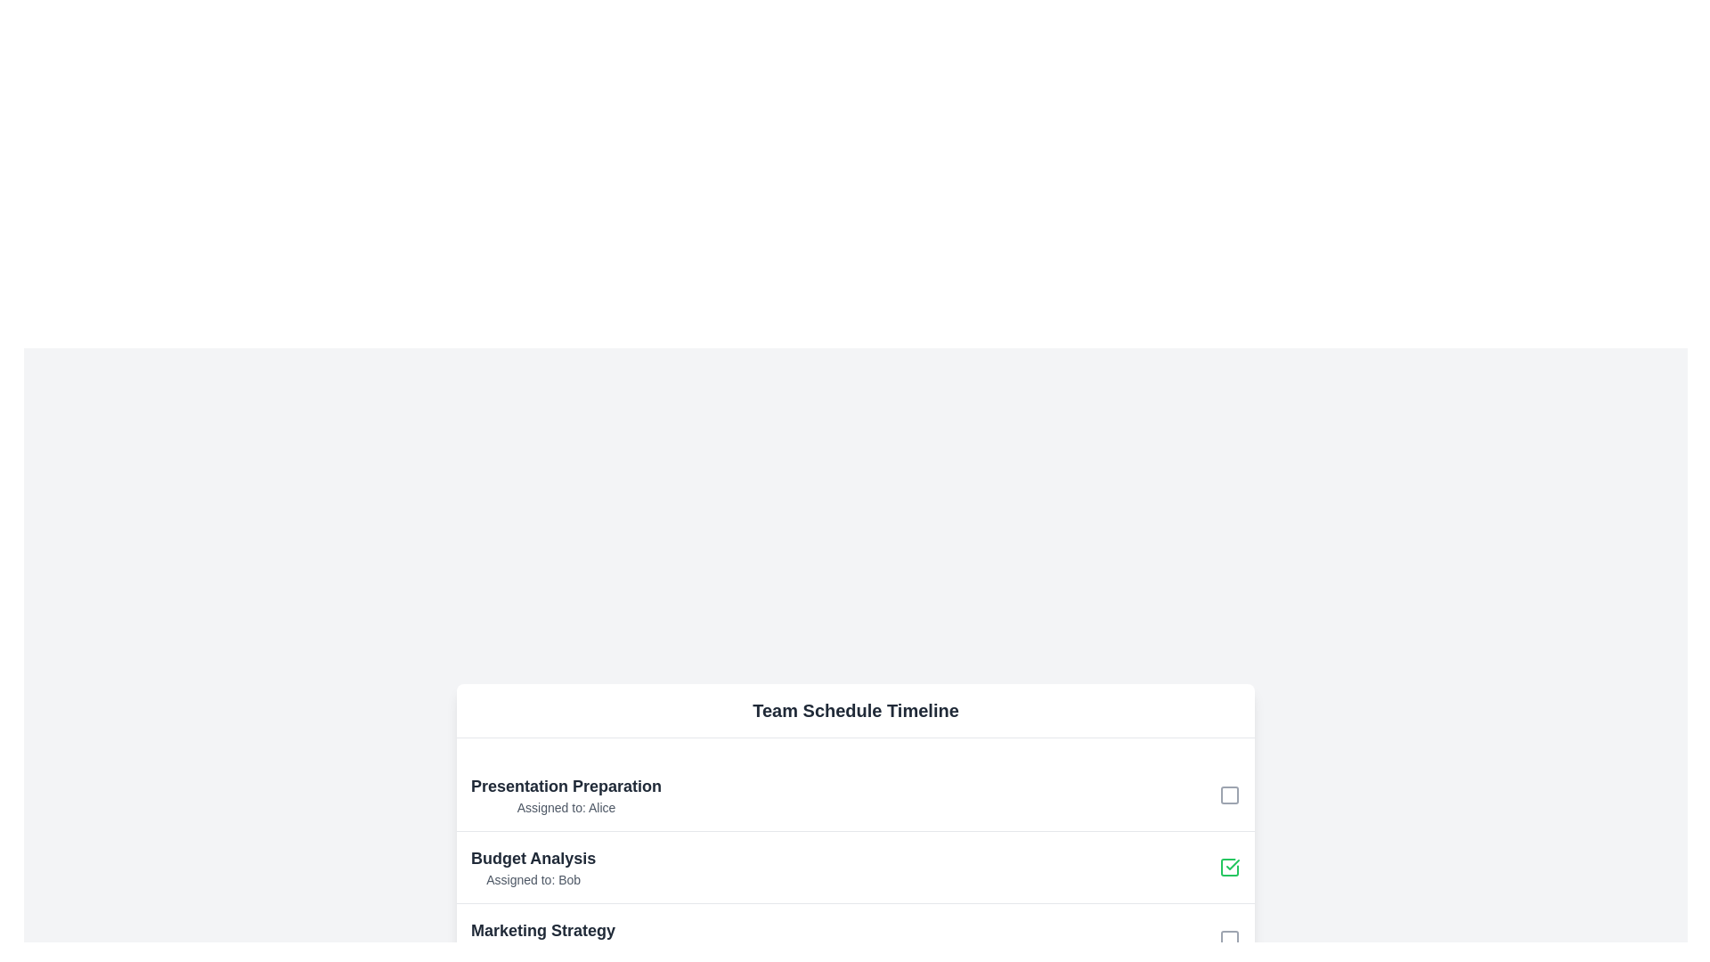  What do you see at coordinates (541, 937) in the screenshot?
I see `the card area of the task Marketing Strategy` at bounding box center [541, 937].